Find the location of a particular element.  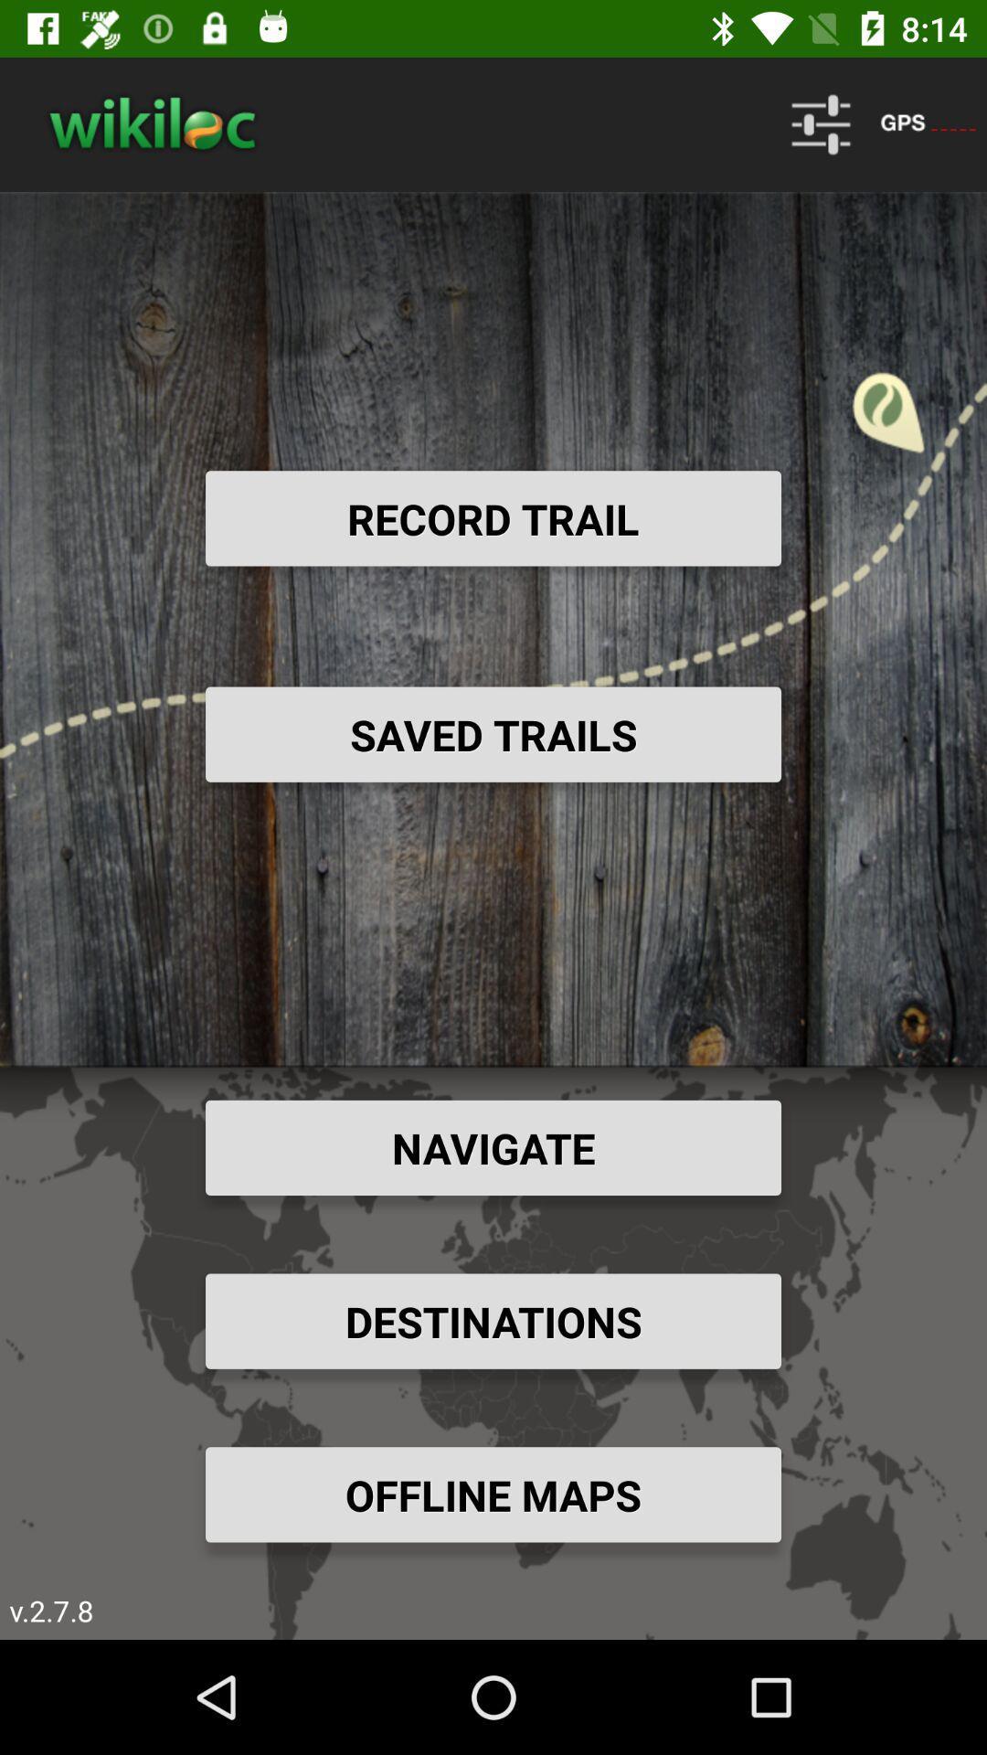

item below saved trails item is located at coordinates (493, 1146).